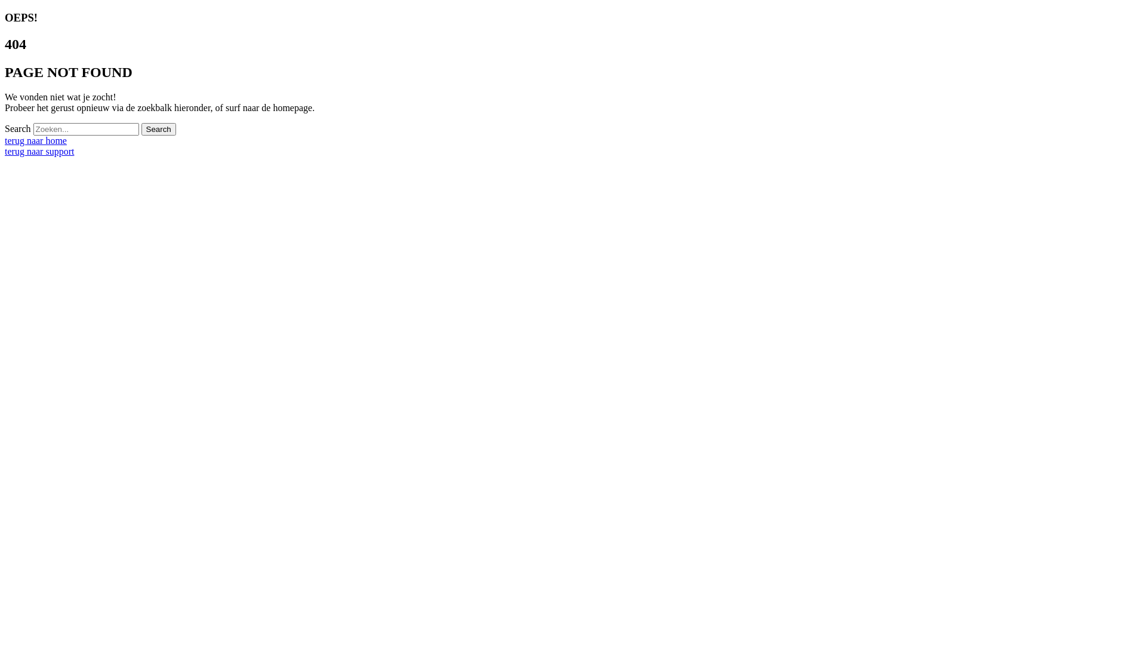 The width and height of the screenshot is (1146, 645). What do you see at coordinates (35, 140) in the screenshot?
I see `'terug naar home'` at bounding box center [35, 140].